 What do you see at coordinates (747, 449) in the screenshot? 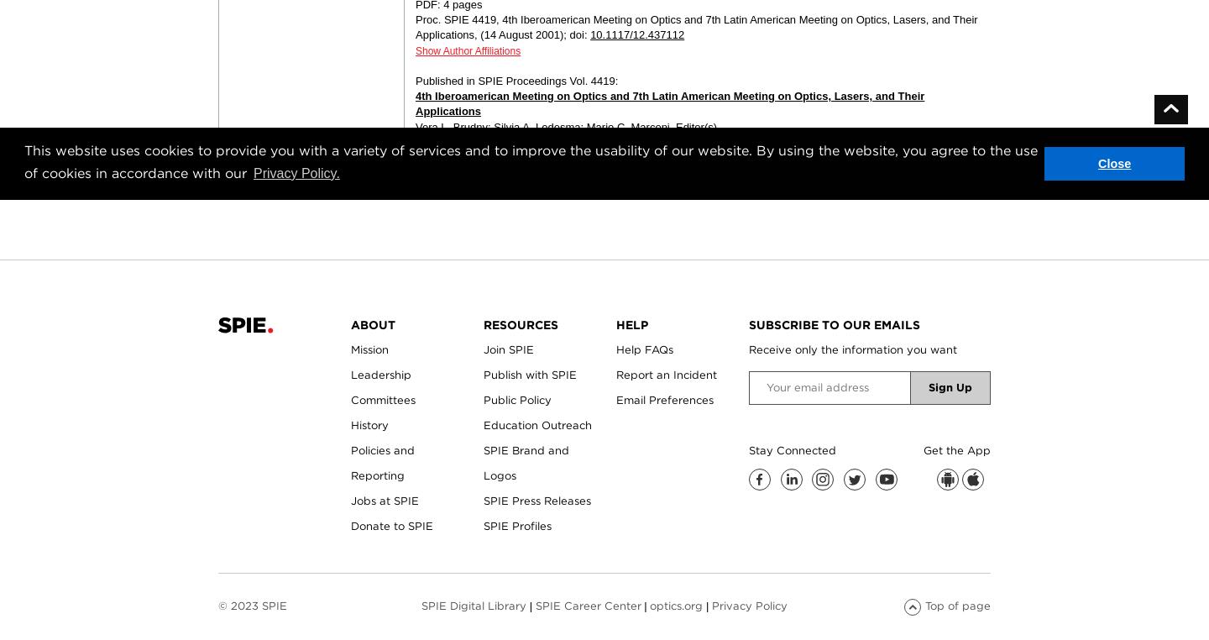
I see `'Stay Connected'` at bounding box center [747, 449].